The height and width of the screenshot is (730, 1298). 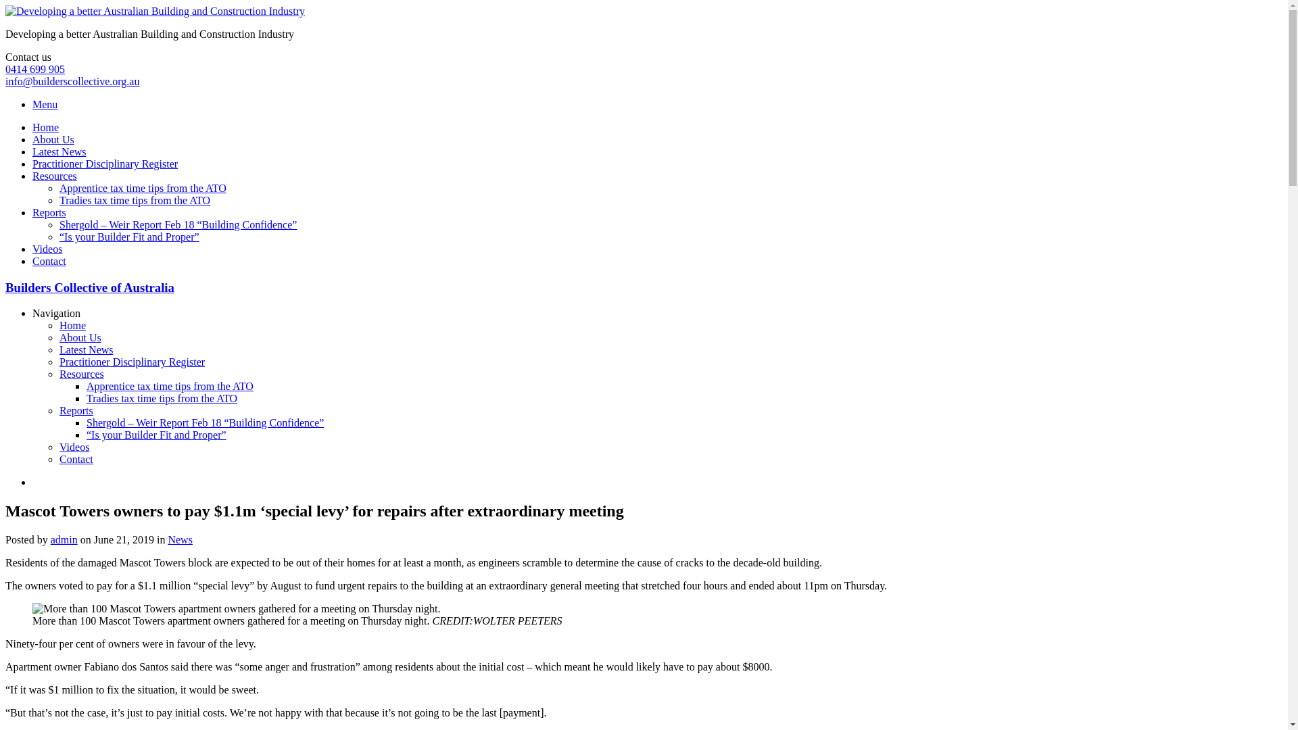 I want to click on 'Menu', so click(x=45, y=103).